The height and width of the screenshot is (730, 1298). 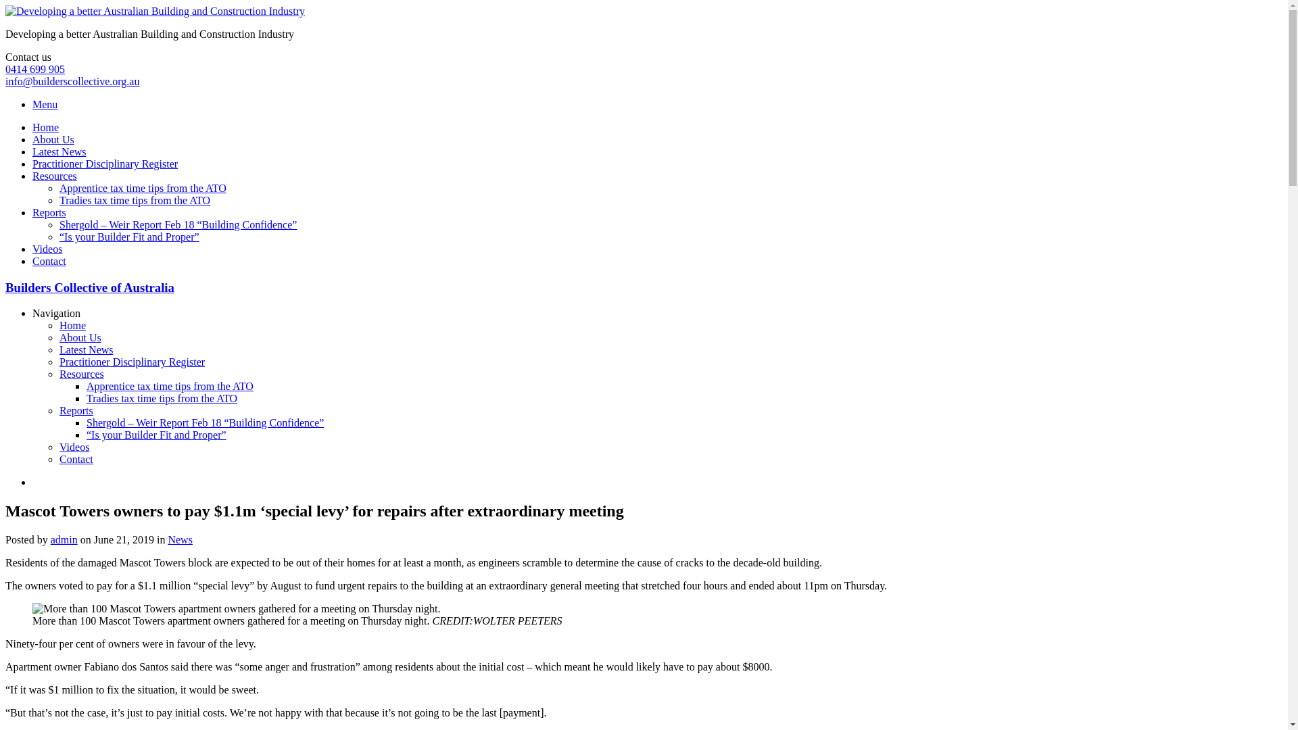 I want to click on 'Menu', so click(x=45, y=103).